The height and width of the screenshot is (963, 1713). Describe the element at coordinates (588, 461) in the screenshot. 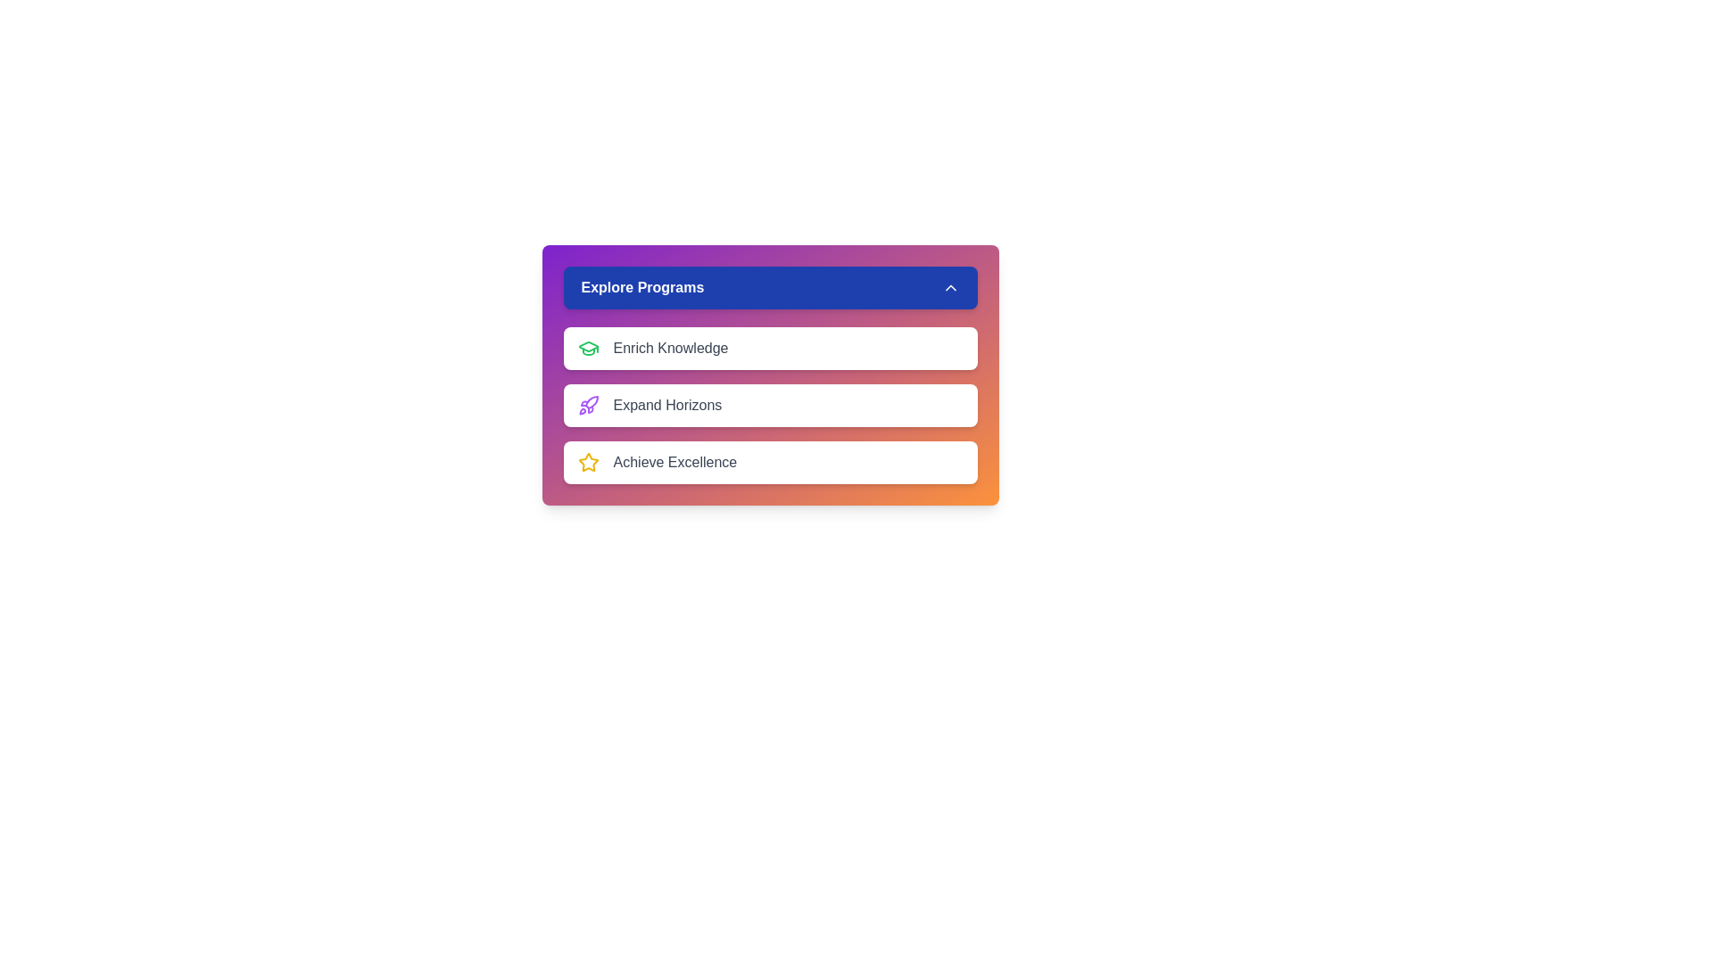

I see `the achievement icon located within the 'Explore Programs' dropdown menu, positioned to the left of the 'Achieve Excellence' label` at that location.